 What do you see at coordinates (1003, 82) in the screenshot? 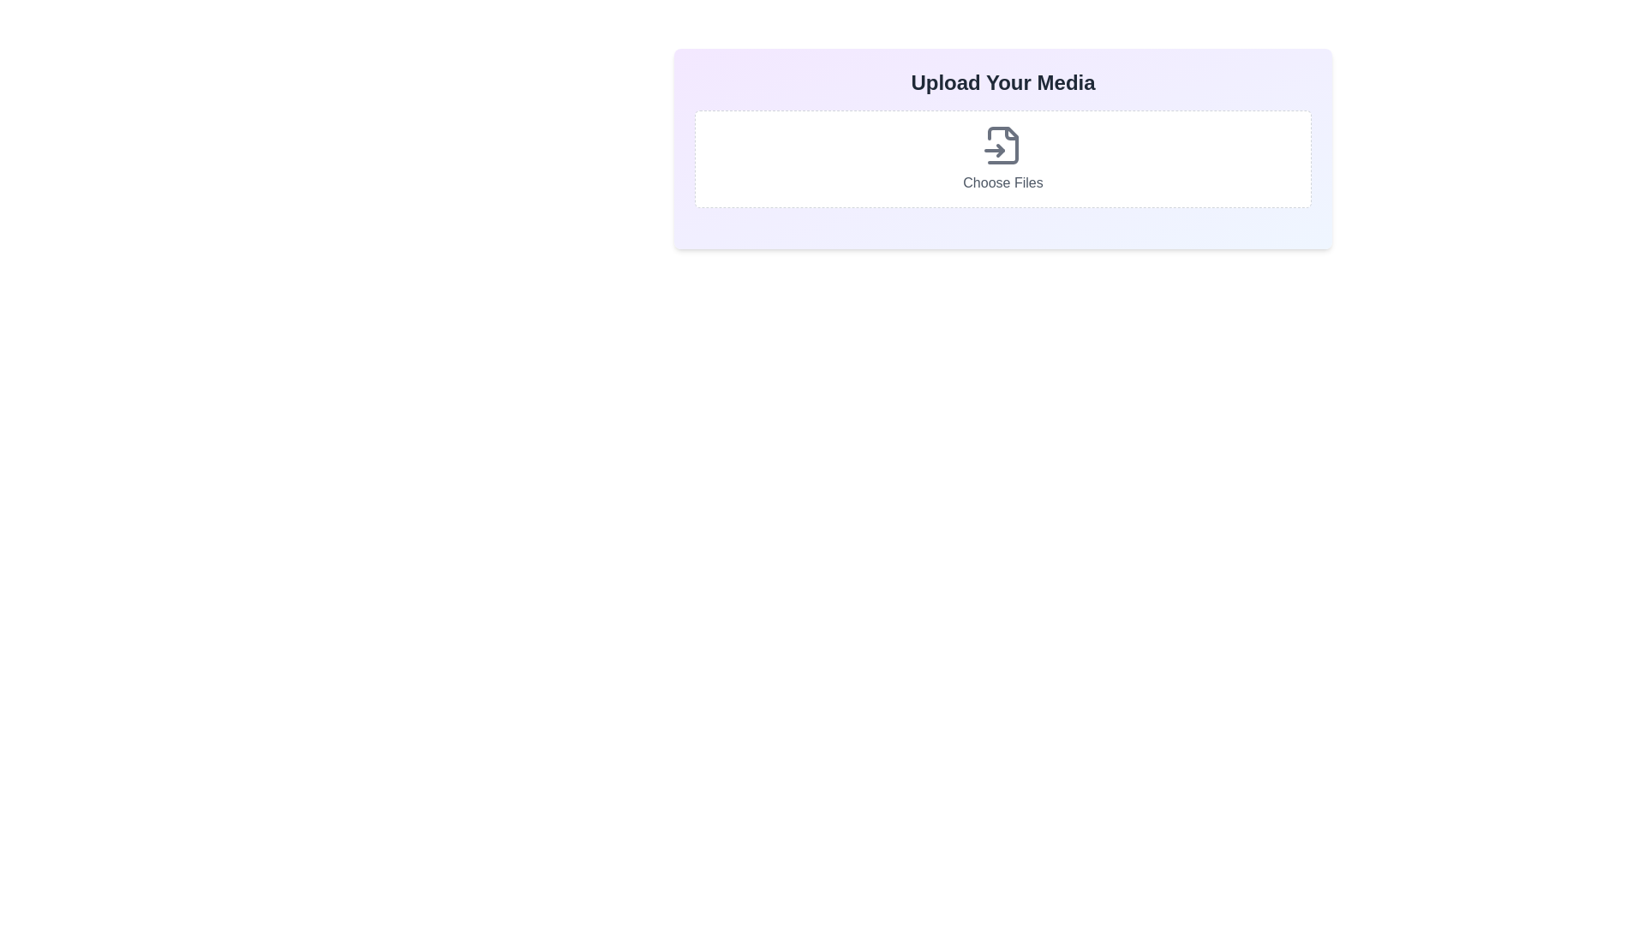
I see `the text label or heading that indicates the section for uploading media files, which is positioned above the 'Choose Files' text and icon, within a box with a light gradient background and rounded corners` at bounding box center [1003, 82].